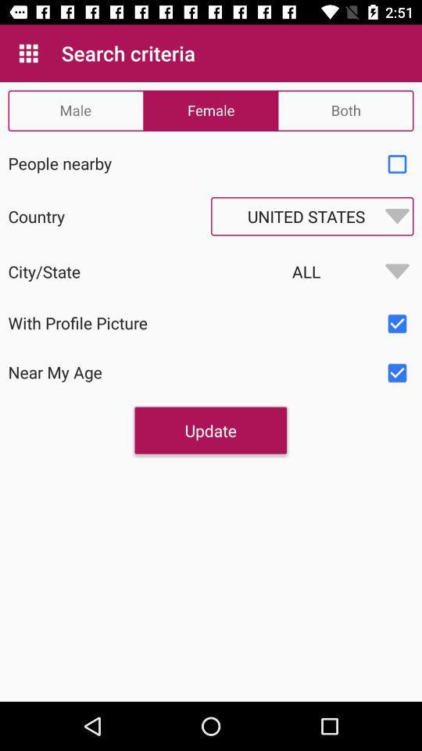 This screenshot has width=422, height=751. What do you see at coordinates (397, 164) in the screenshot?
I see `check on the people nearby option` at bounding box center [397, 164].